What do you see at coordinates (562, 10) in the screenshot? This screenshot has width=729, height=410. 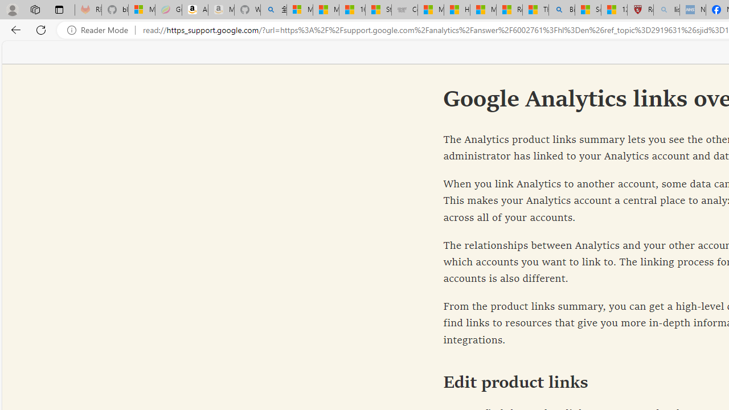 I see `'Bing'` at bounding box center [562, 10].